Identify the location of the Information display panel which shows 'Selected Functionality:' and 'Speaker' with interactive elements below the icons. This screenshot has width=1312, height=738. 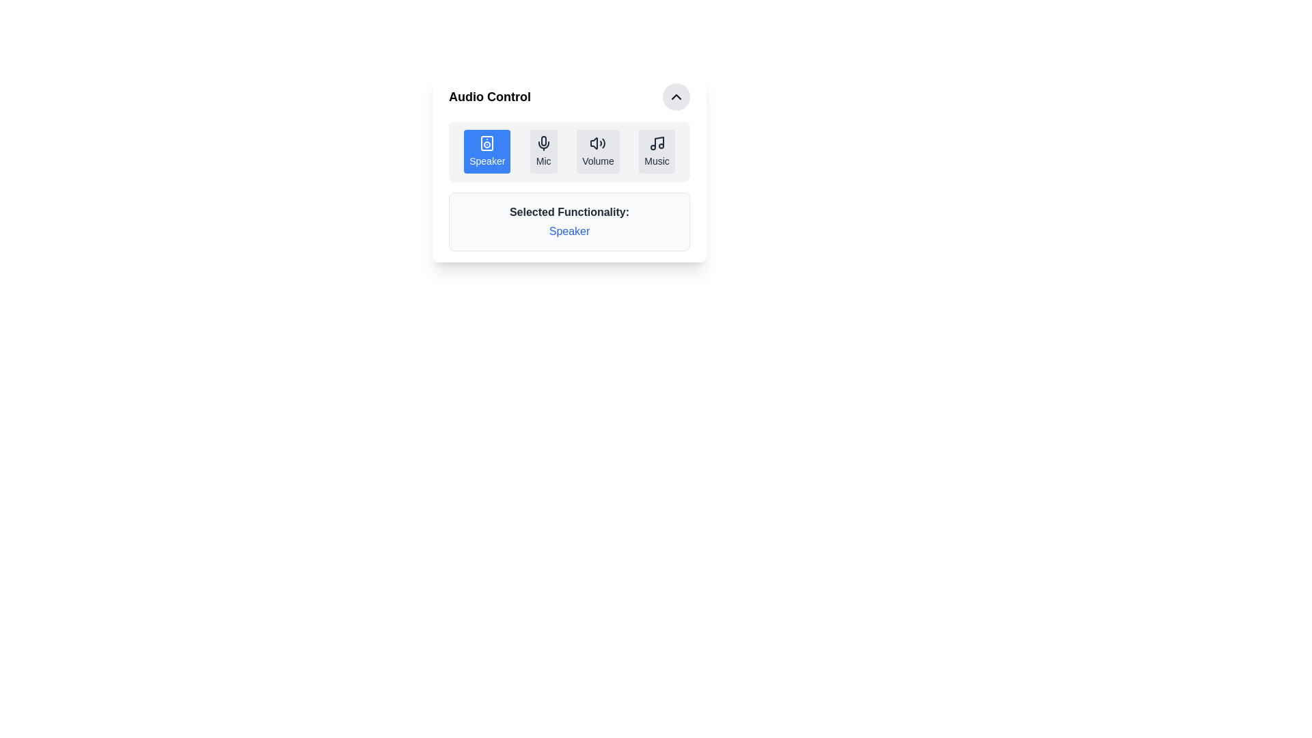
(569, 221).